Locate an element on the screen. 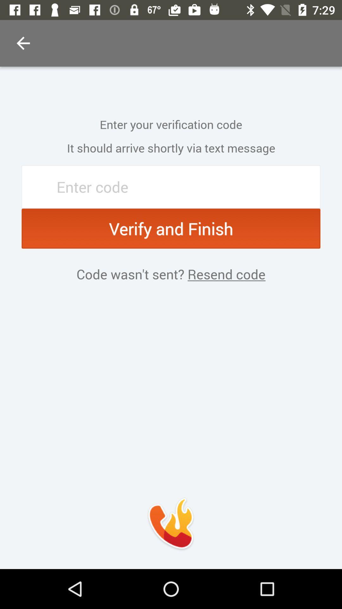  the verify and finish icon is located at coordinates (171, 228).